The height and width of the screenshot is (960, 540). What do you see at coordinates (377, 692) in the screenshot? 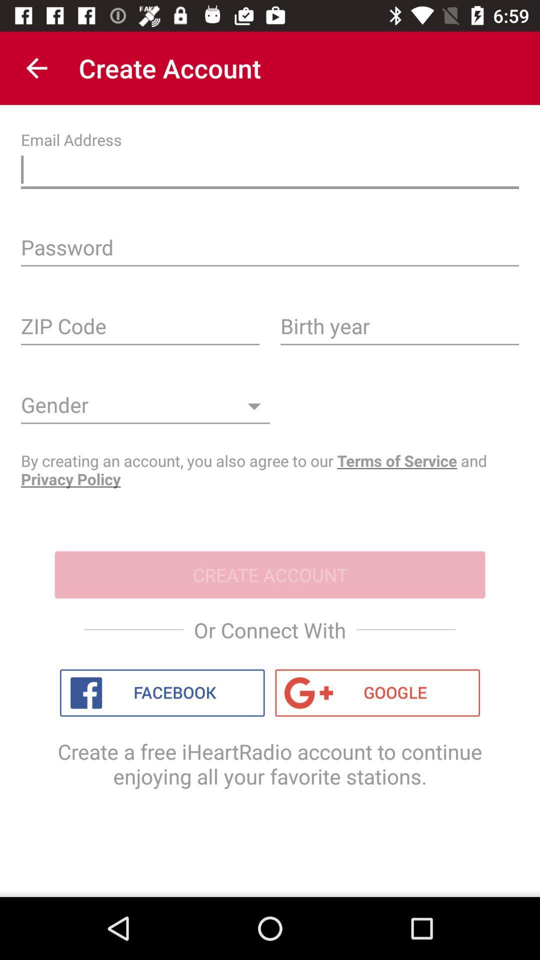
I see `the item above create a free item` at bounding box center [377, 692].